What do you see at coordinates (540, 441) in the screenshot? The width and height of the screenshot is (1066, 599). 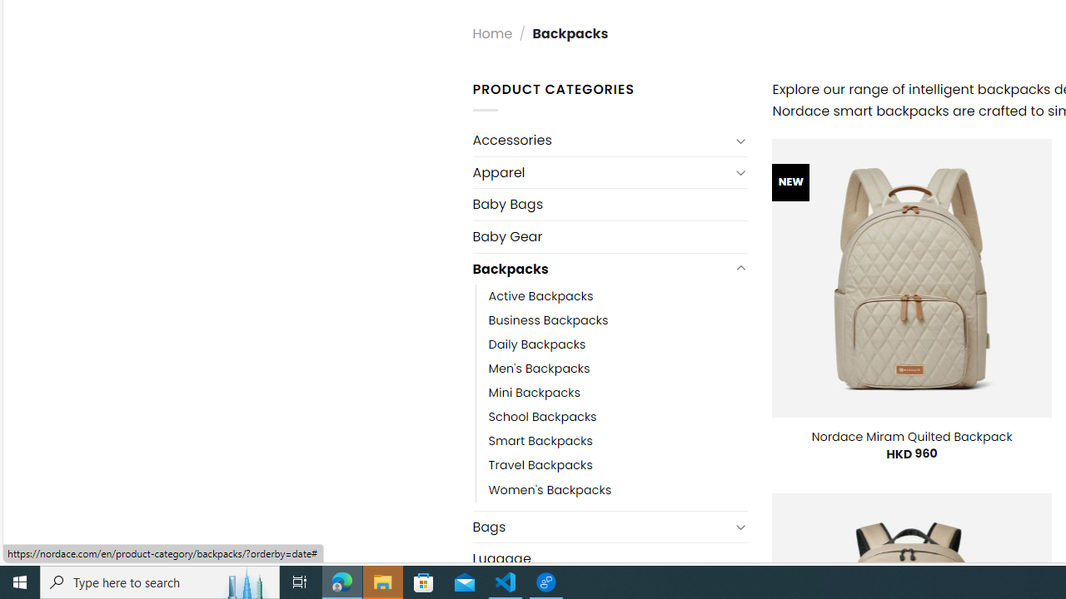 I see `'Smart Backpacks'` at bounding box center [540, 441].